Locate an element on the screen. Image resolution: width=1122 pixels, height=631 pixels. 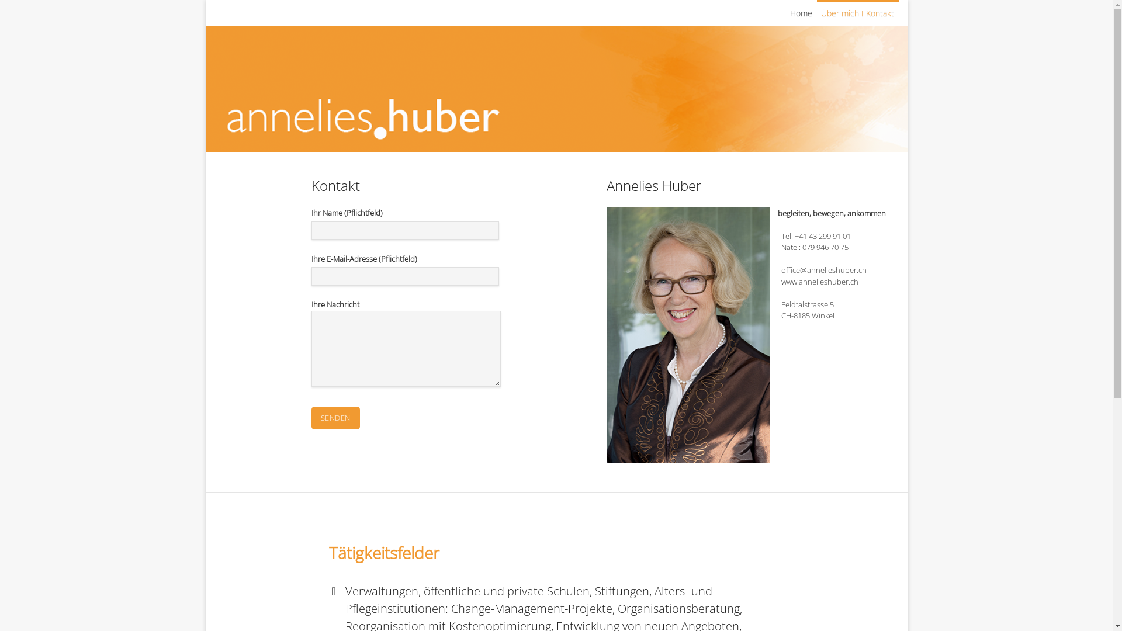
'Home' is located at coordinates (800, 13).